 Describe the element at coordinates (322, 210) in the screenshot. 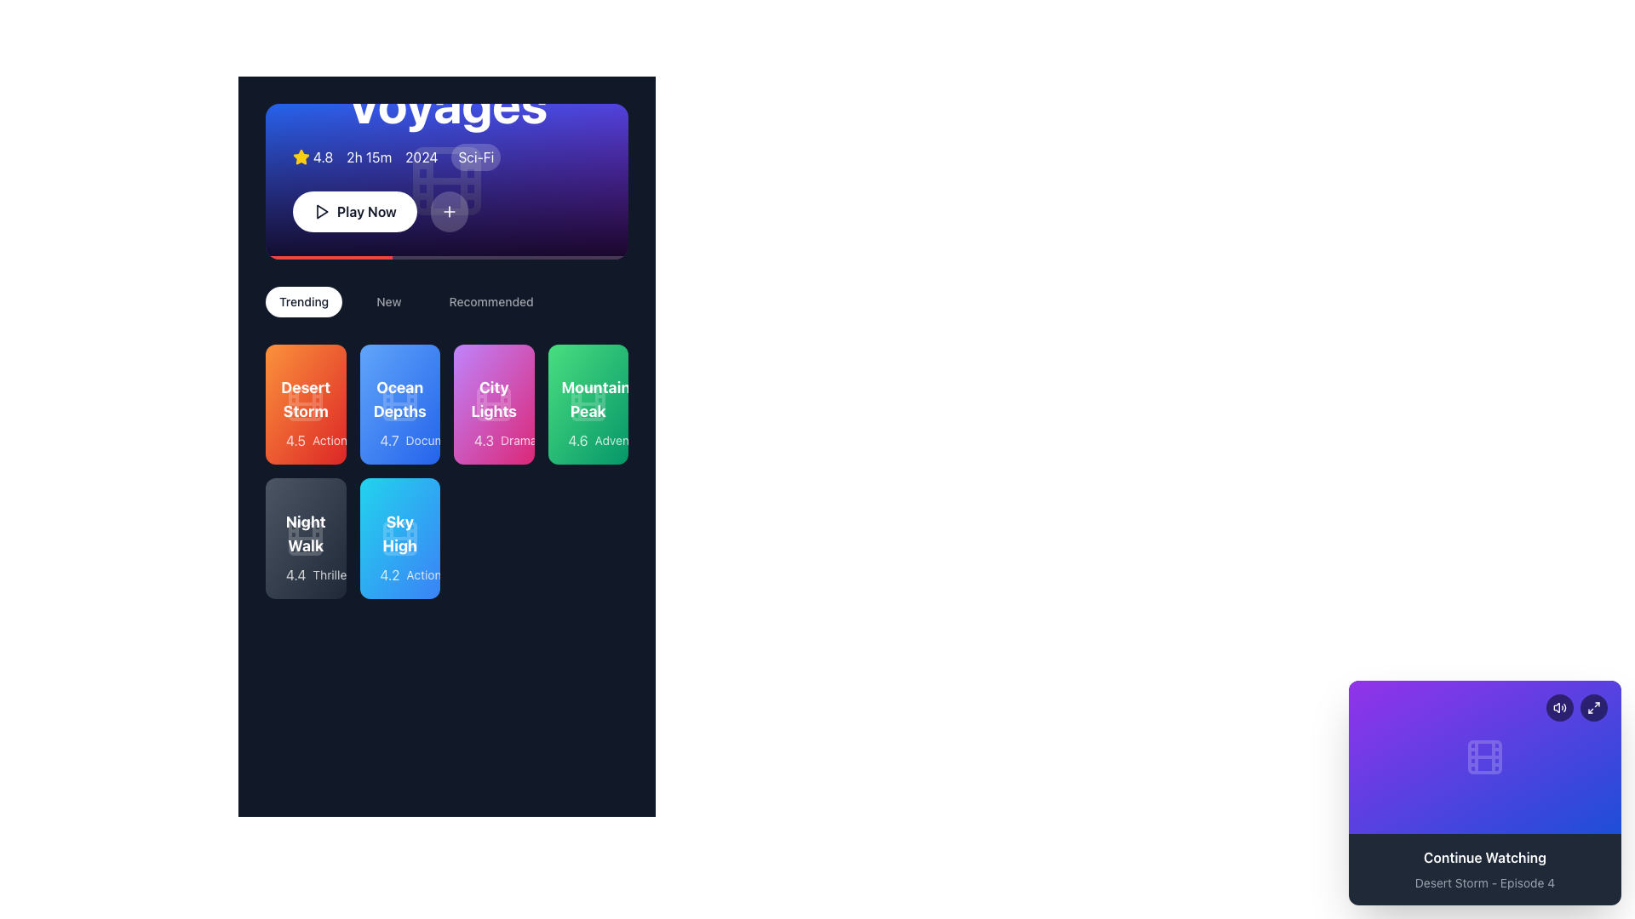

I see `the play icon located within the circular 'Play Now' button in the main header section to initiate media playback` at that location.